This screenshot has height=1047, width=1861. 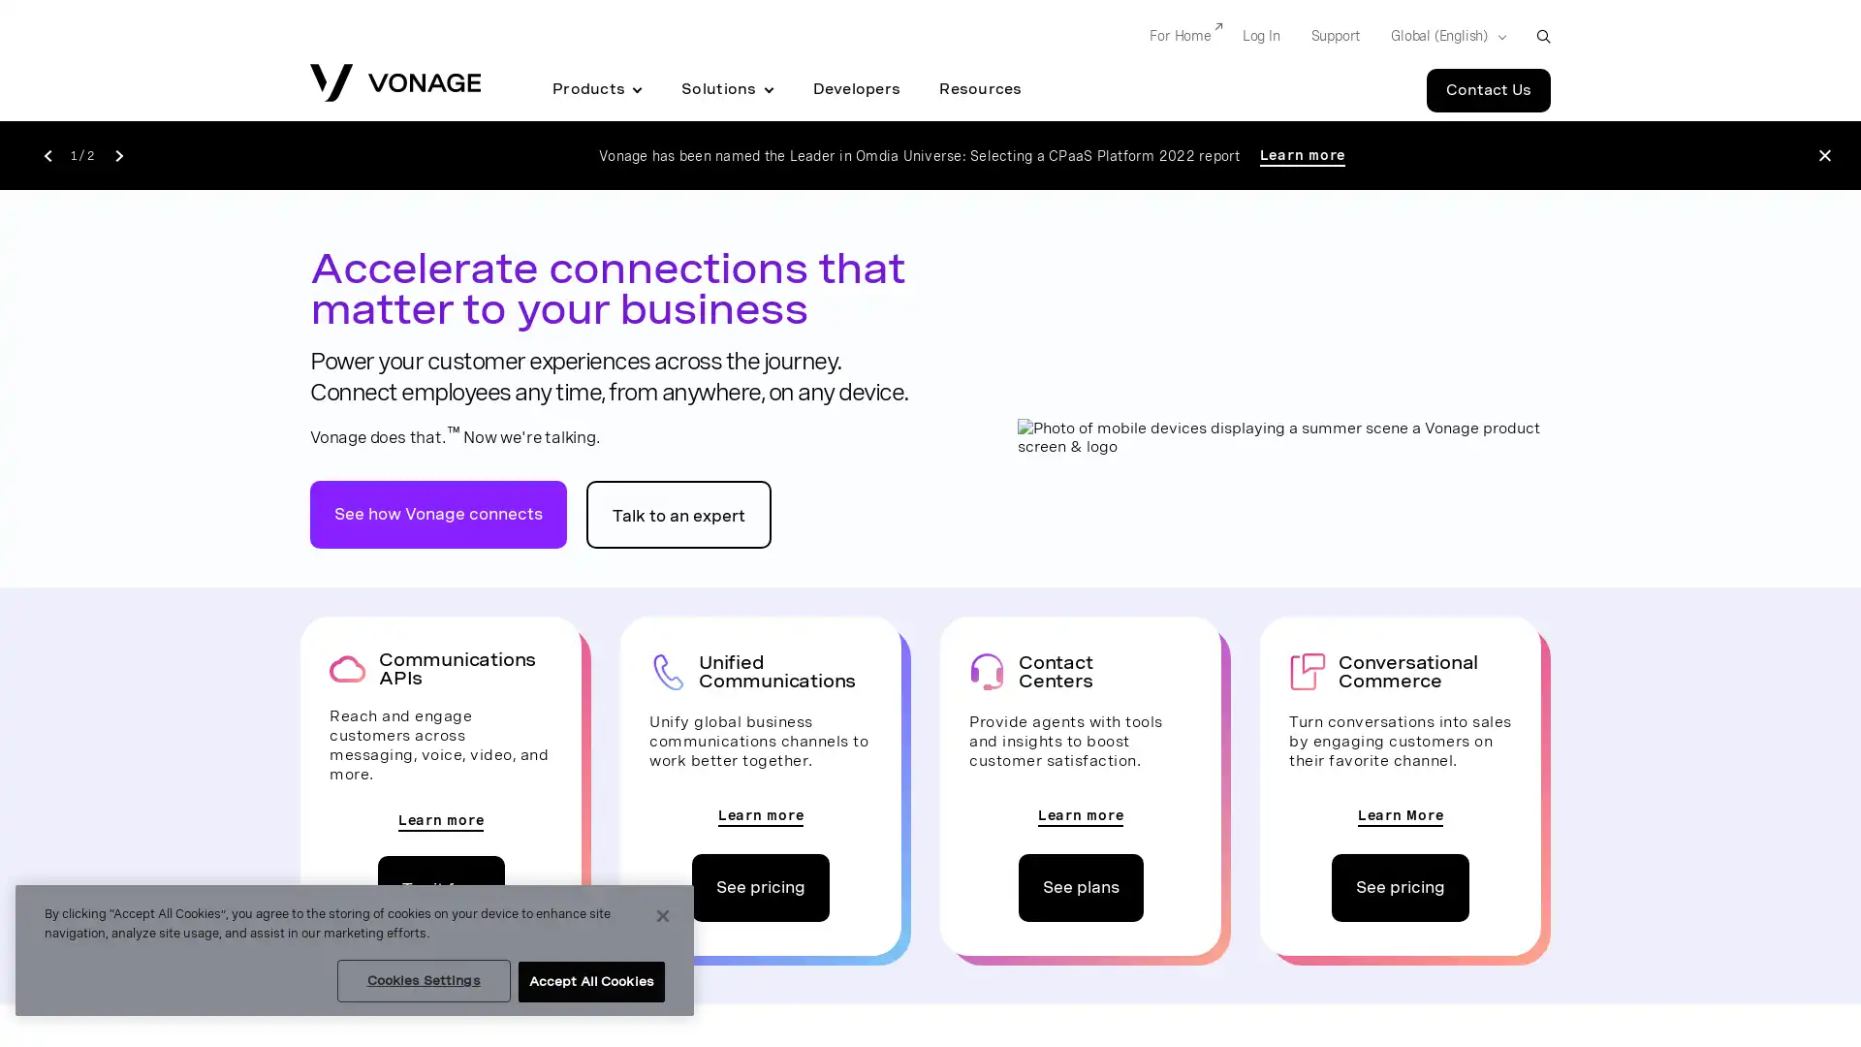 What do you see at coordinates (596, 89) in the screenshot?
I see `Products` at bounding box center [596, 89].